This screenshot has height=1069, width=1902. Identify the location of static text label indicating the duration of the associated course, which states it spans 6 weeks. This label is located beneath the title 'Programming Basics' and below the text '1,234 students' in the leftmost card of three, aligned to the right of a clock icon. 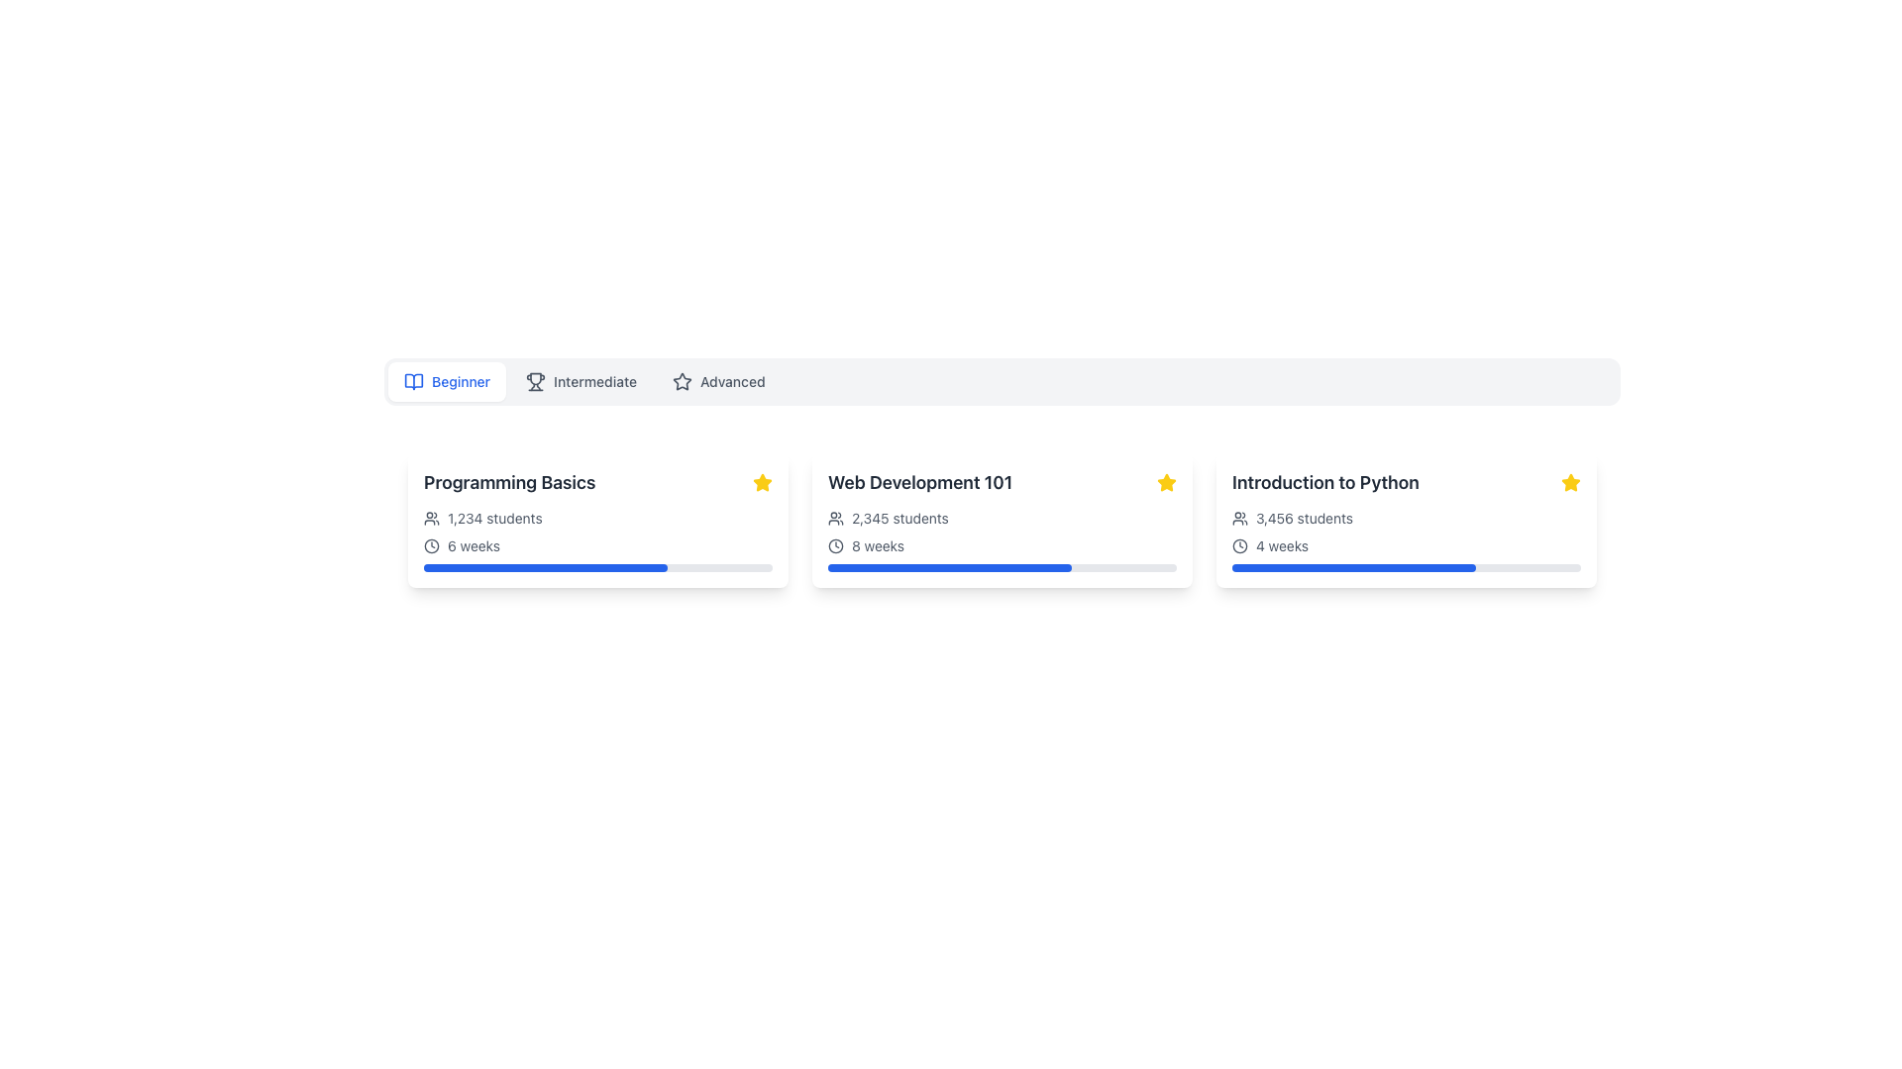
(473, 545).